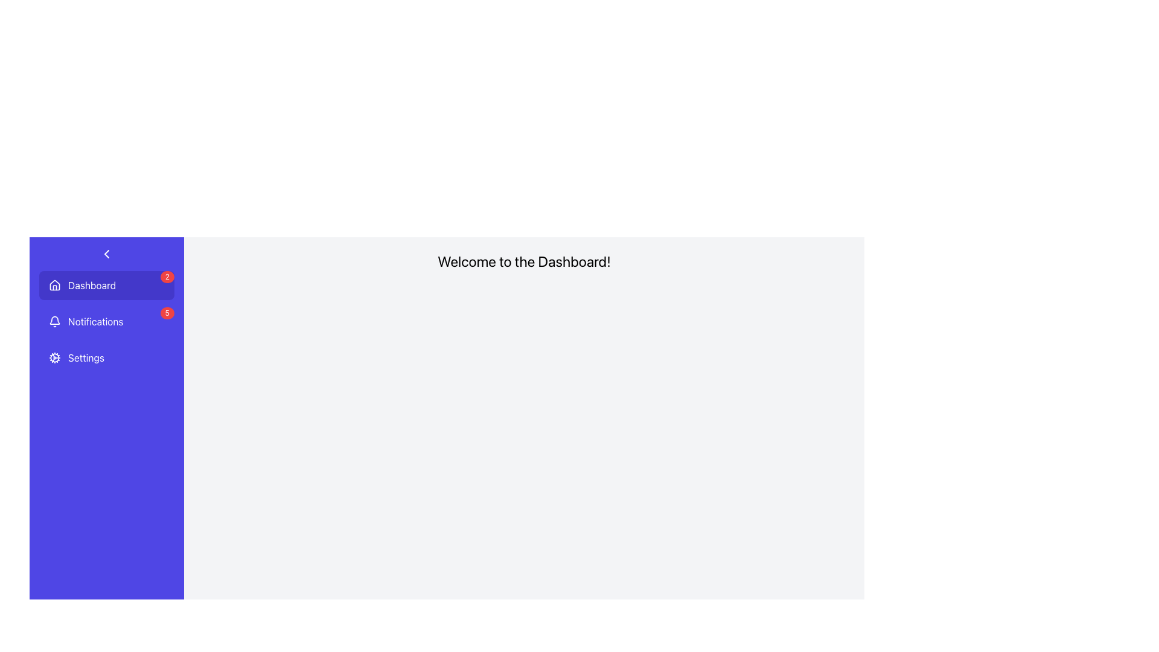 The width and height of the screenshot is (1159, 652). Describe the element at coordinates (85, 357) in the screenshot. I see `the 'Settings' text label in the navigation sidebar, which is the third item directly below 'Notifications'` at that location.